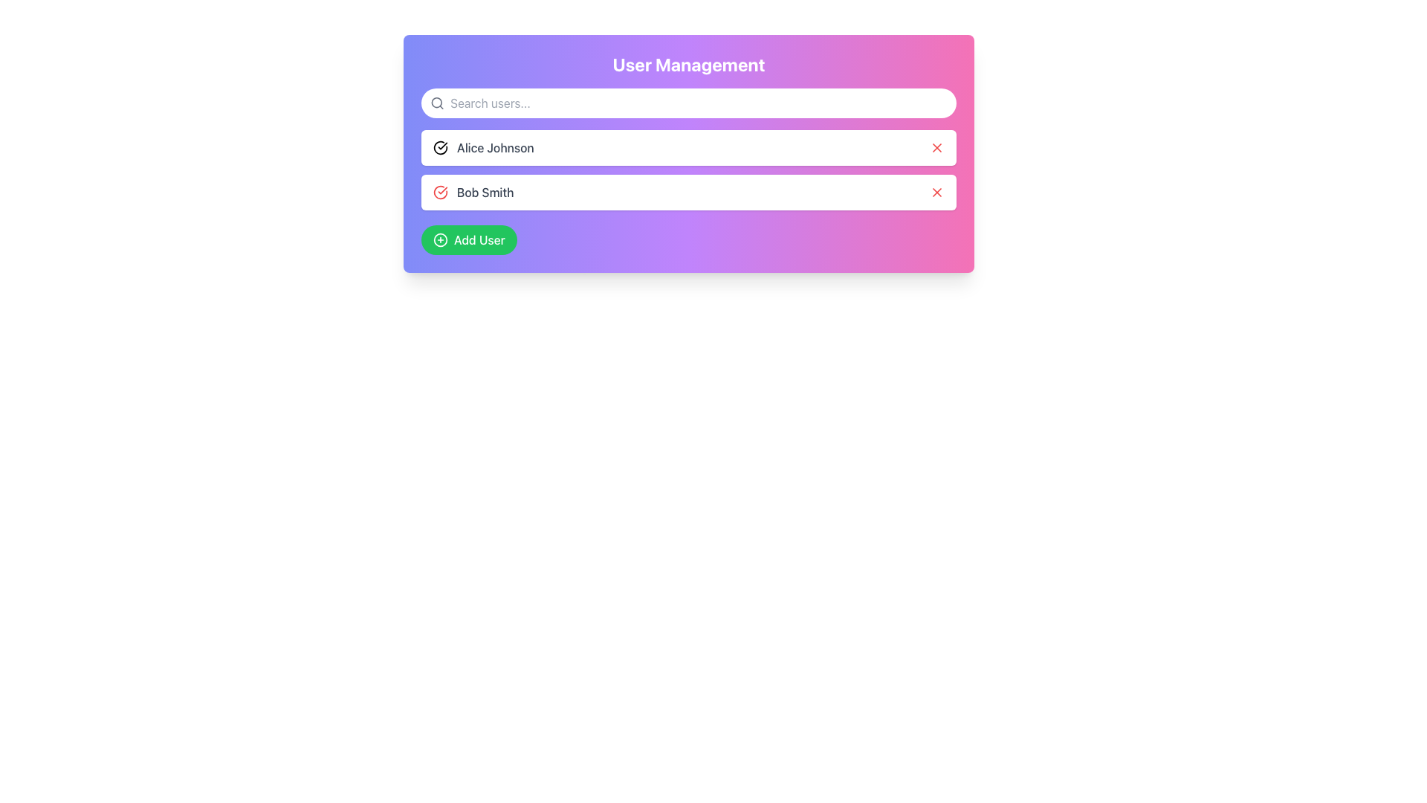  What do you see at coordinates (436, 102) in the screenshot?
I see `the SVG Circle that represents the lens component of the magnifying glass icon in the user management section's search bar` at bounding box center [436, 102].